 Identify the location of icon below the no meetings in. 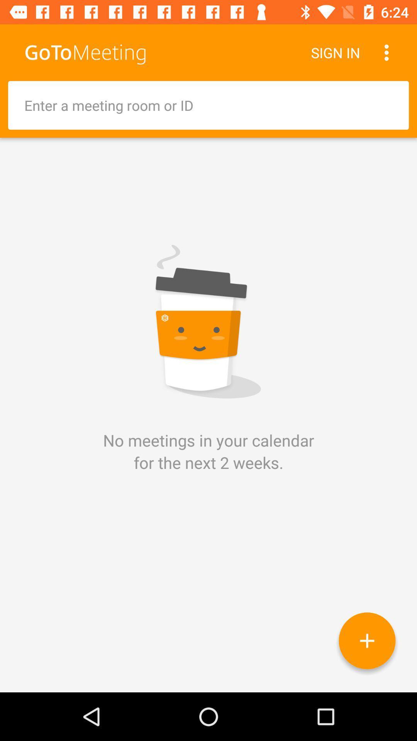
(367, 641).